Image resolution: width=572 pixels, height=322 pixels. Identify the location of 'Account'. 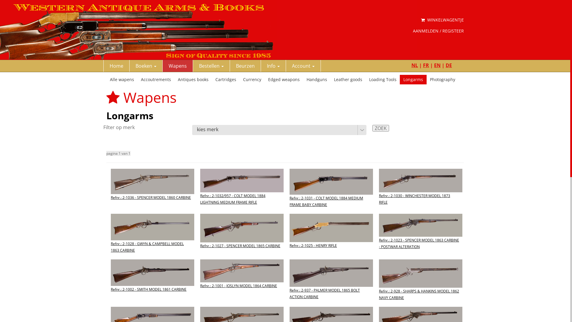
(303, 66).